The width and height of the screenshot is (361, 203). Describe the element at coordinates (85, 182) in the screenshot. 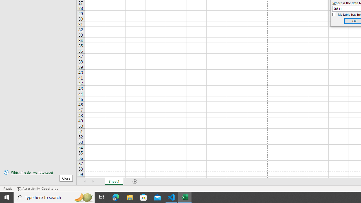

I see `'Scroll Left'` at that location.